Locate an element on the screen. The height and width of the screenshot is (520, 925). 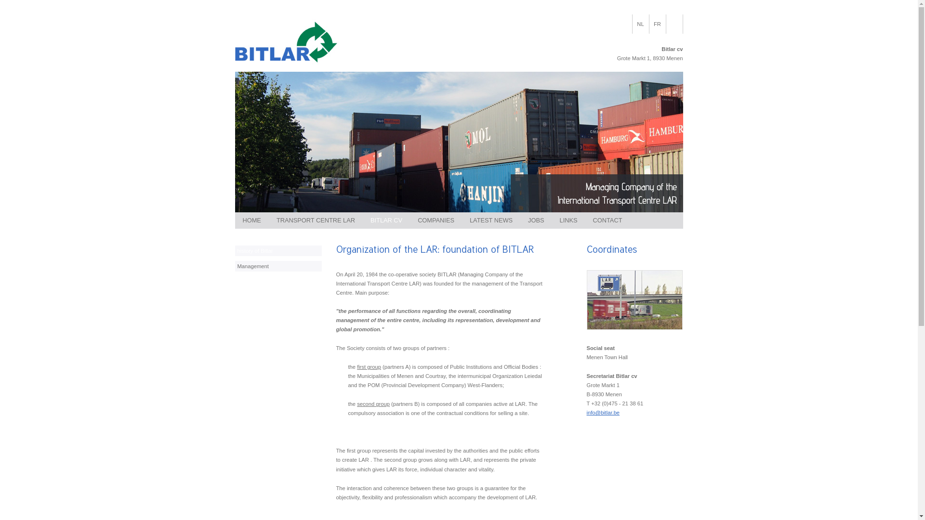
'Management' is located at coordinates (235, 266).